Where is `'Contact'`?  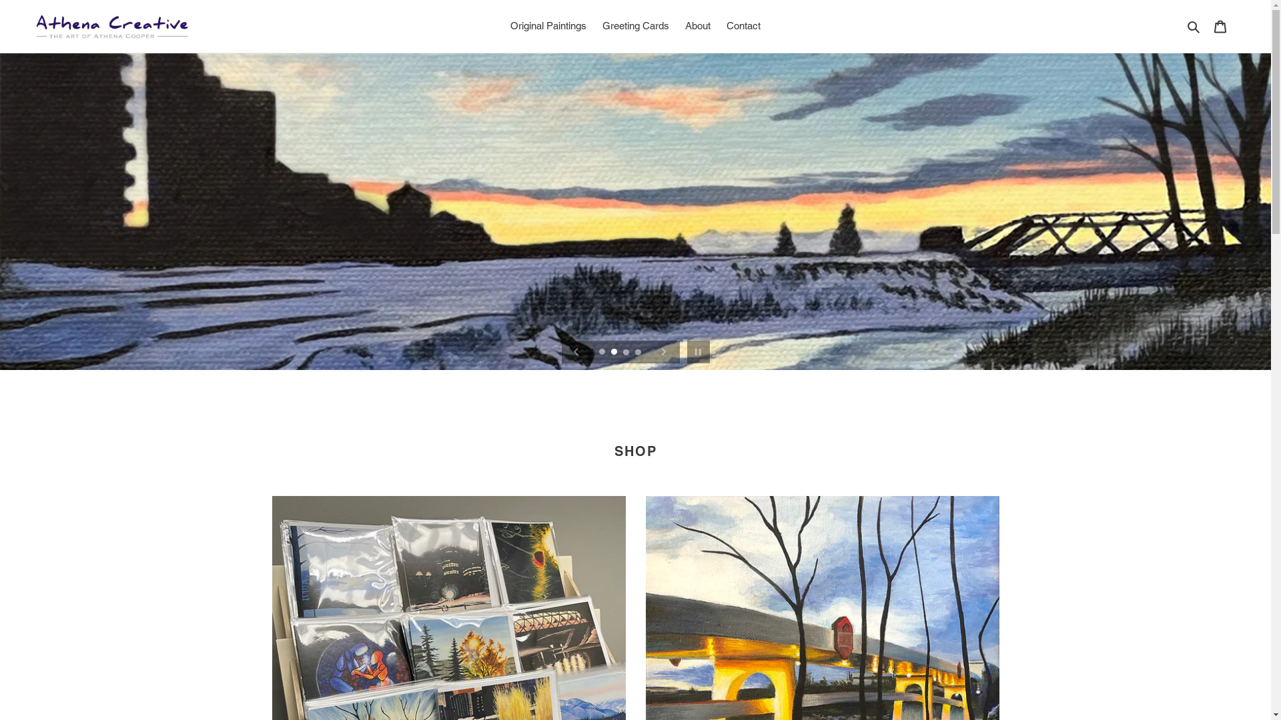 'Contact' is located at coordinates (743, 26).